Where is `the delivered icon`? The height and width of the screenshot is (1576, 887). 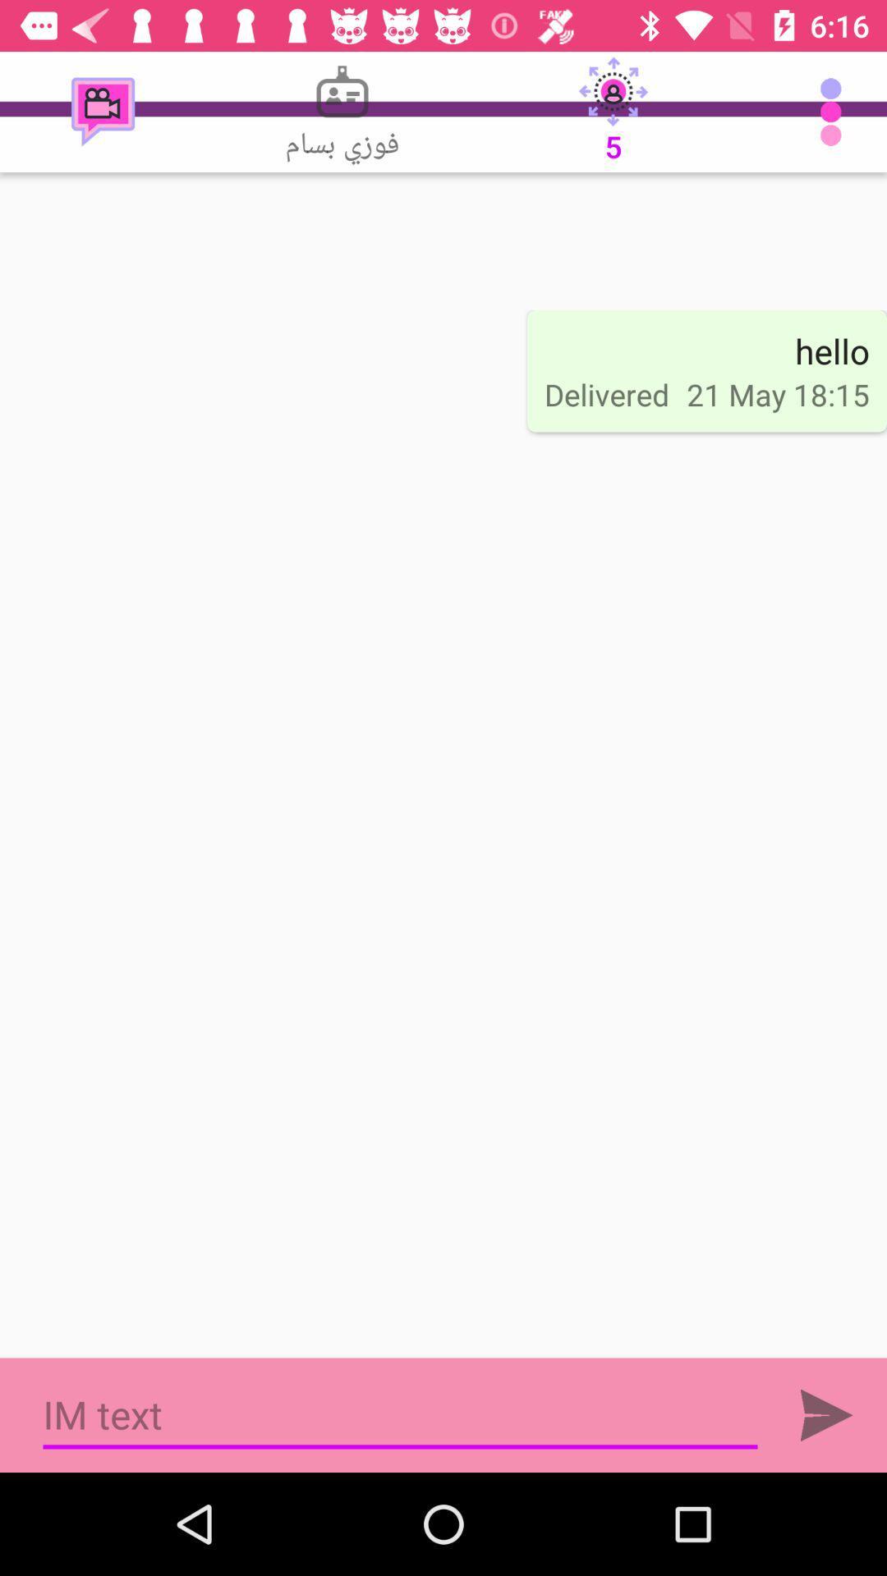
the delivered icon is located at coordinates (607, 394).